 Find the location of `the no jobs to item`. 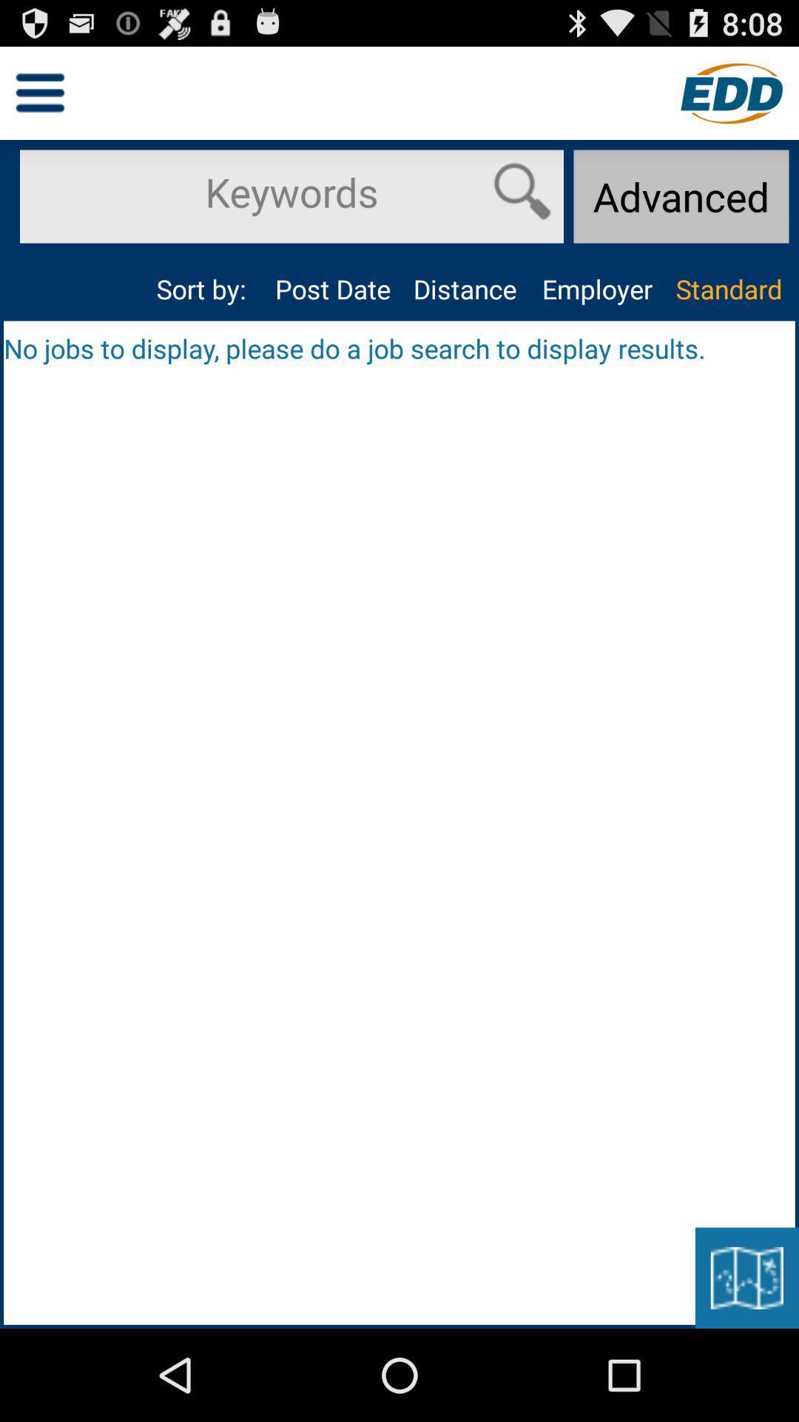

the no jobs to item is located at coordinates (399, 347).